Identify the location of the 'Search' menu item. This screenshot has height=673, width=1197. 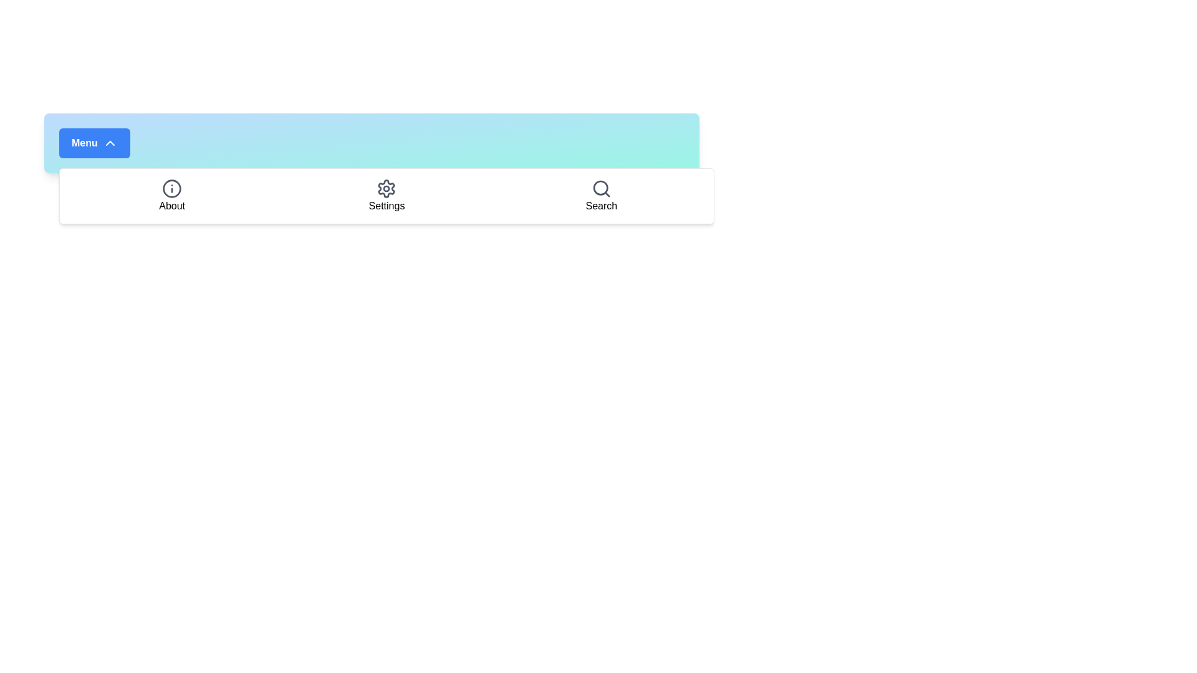
(601, 196).